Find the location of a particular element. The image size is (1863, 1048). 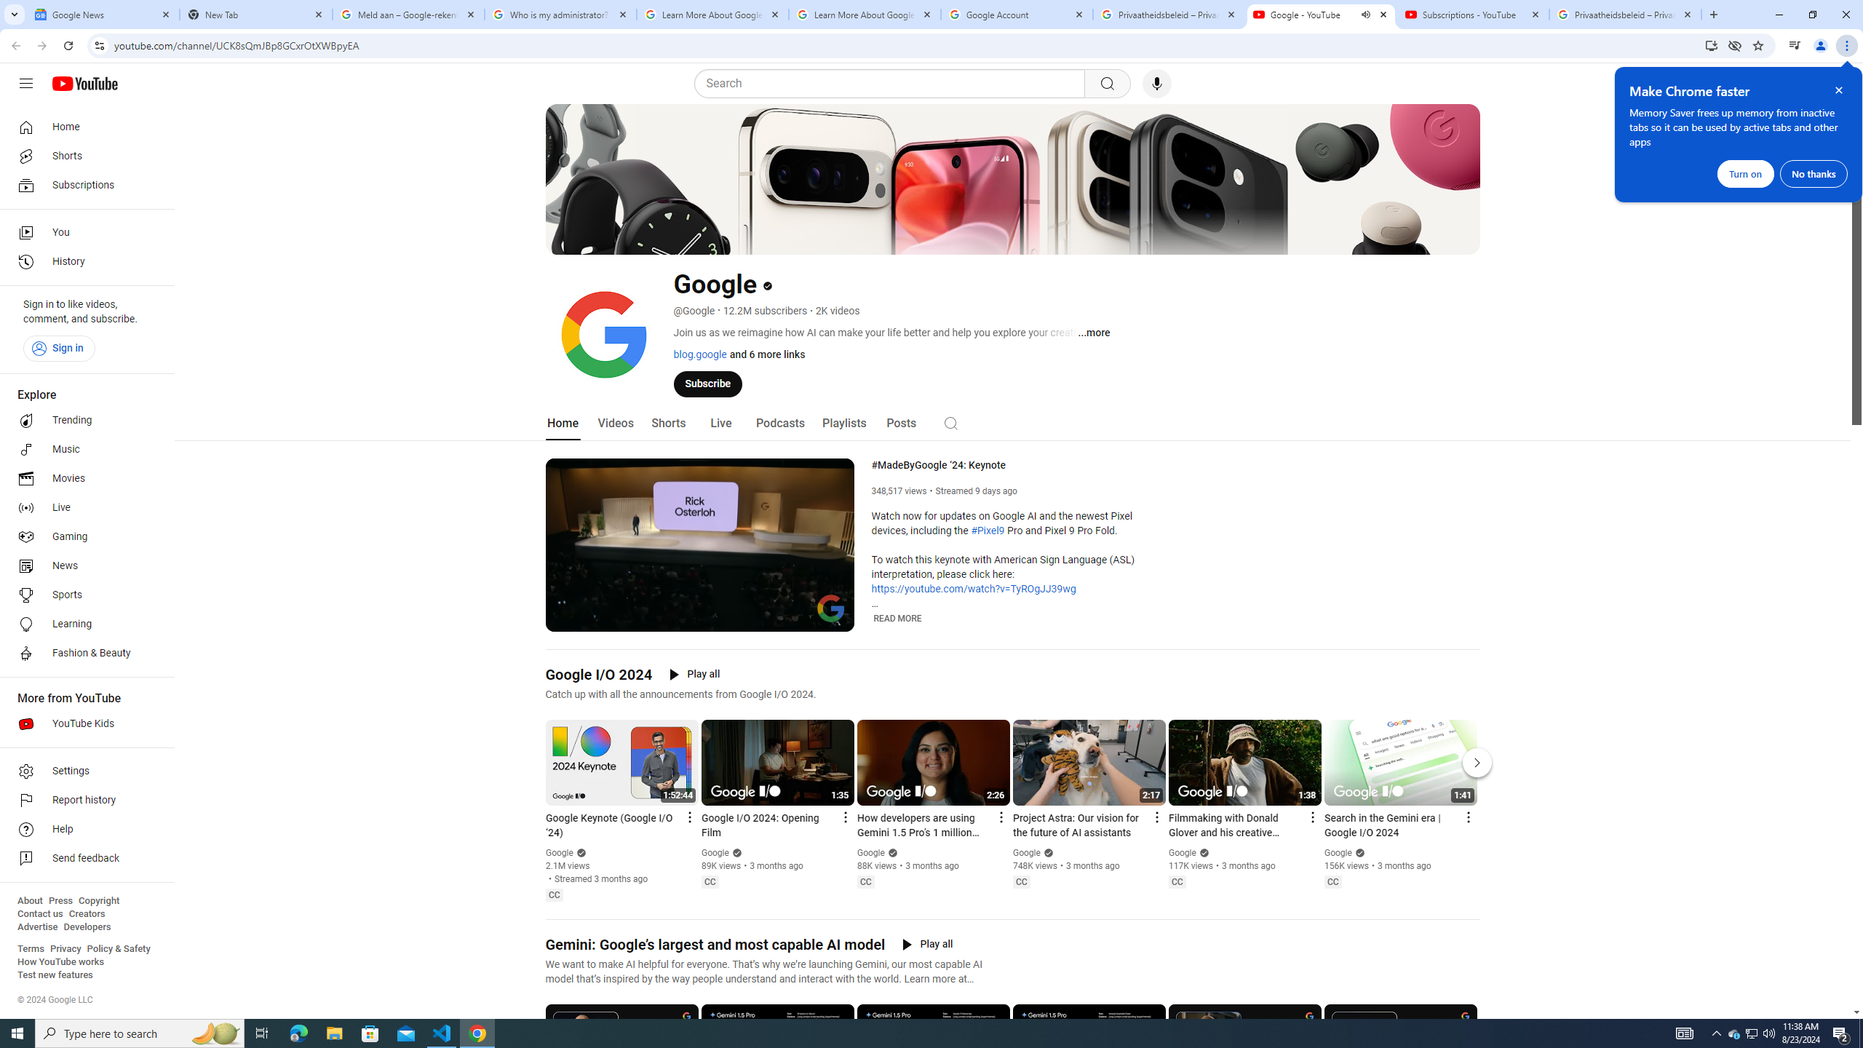

'Contact us' is located at coordinates (39, 913).